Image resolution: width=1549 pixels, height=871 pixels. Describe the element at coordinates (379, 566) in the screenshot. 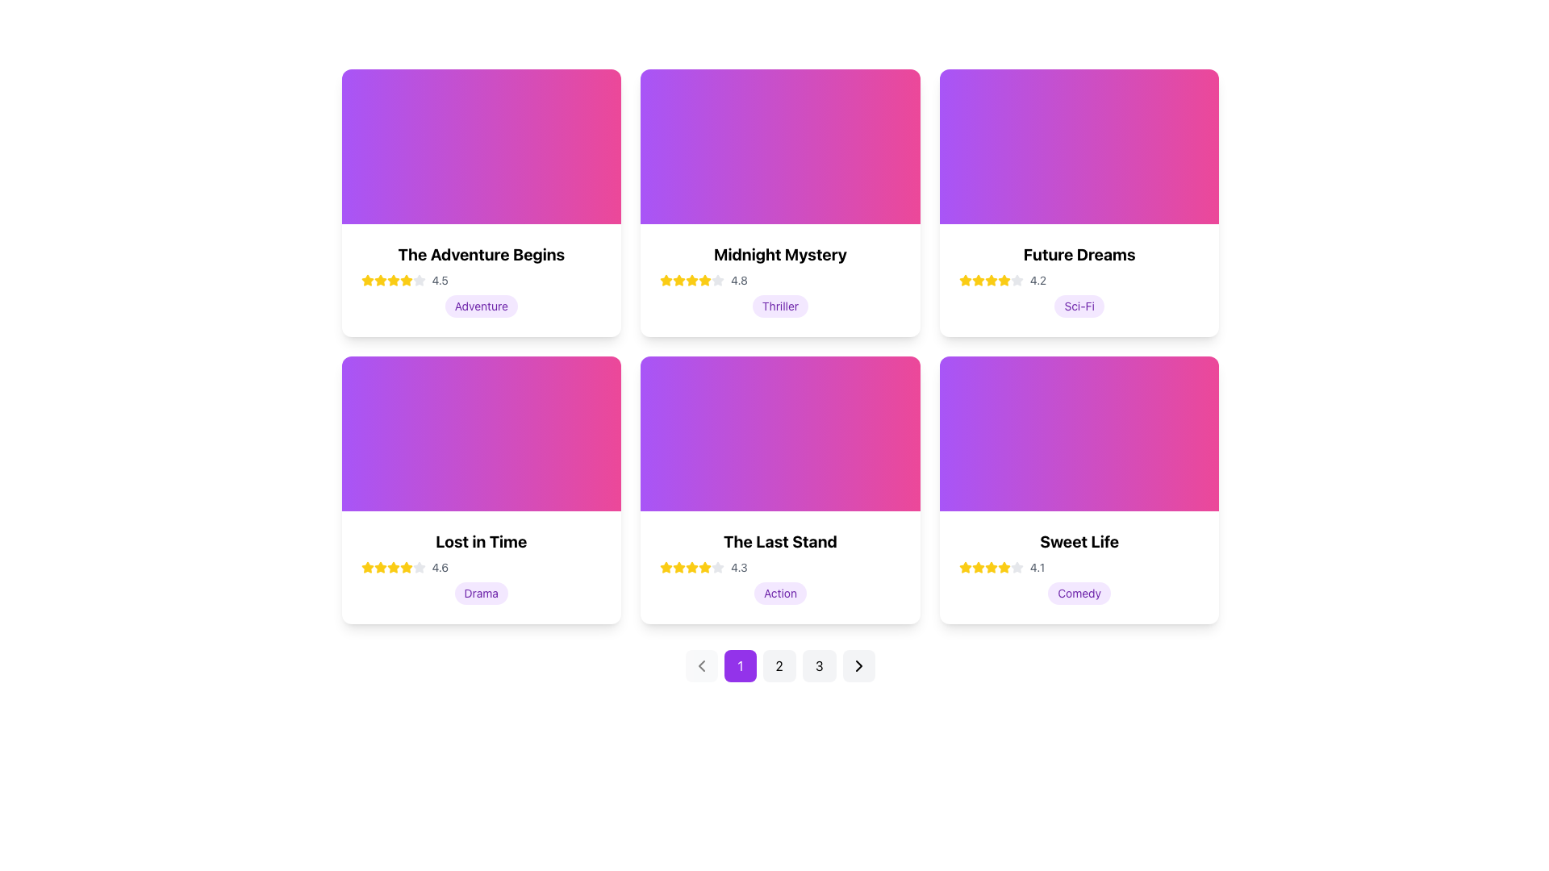

I see `the second yellow star-shaped rating icon located under the title 'Lost in Time'` at that location.